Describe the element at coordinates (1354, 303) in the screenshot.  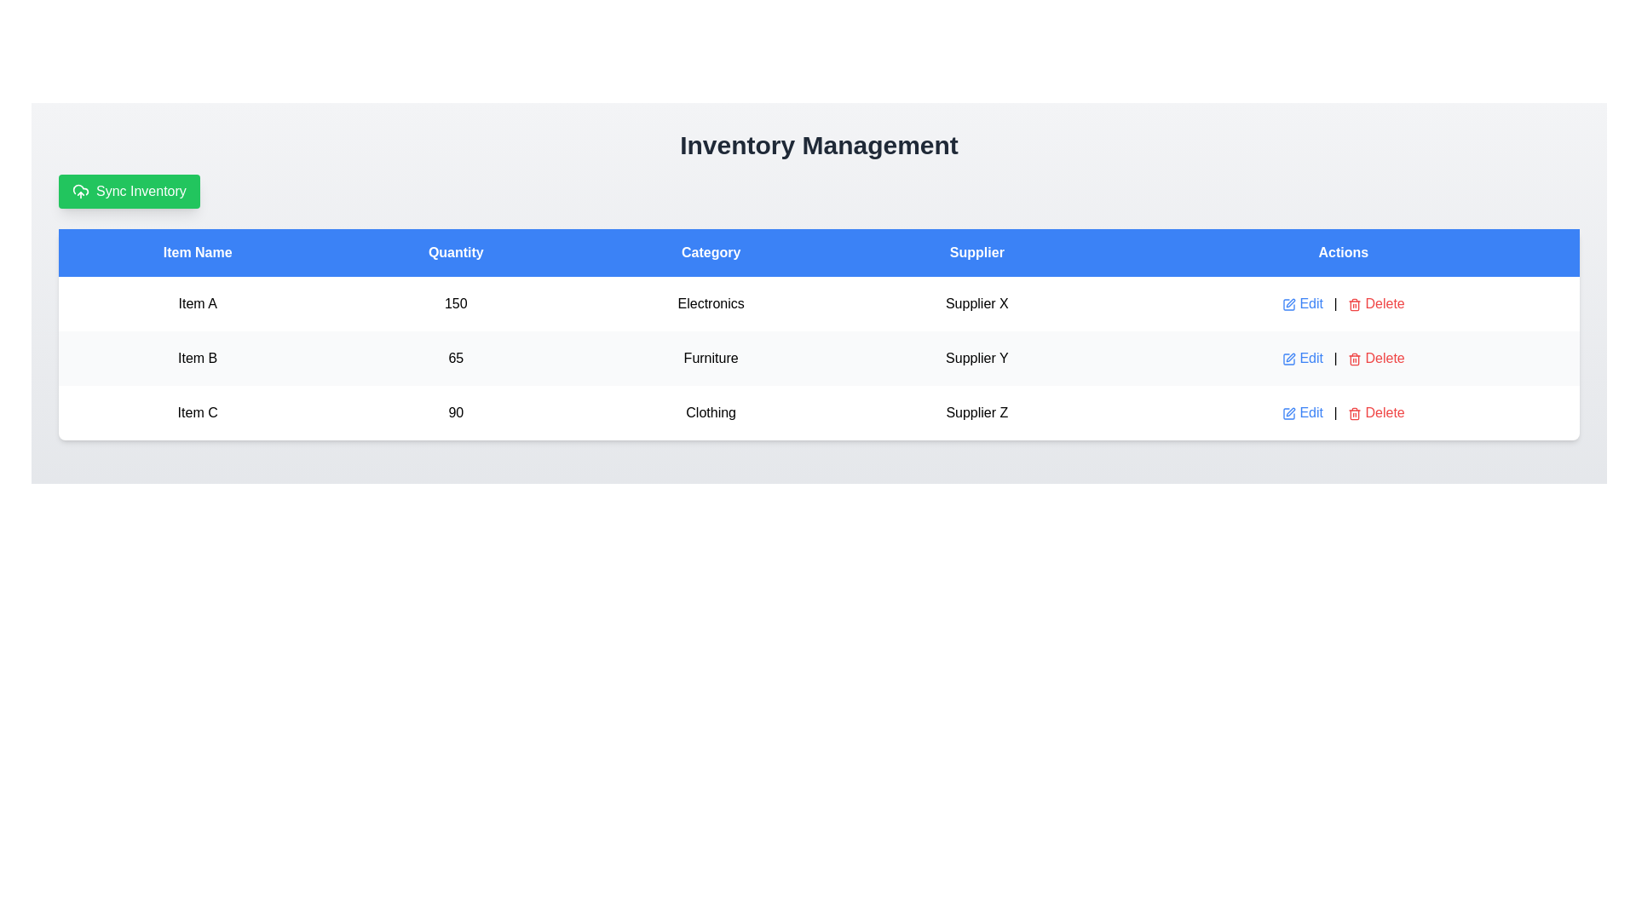
I see `the deletion icon located under the 'Actions' column next to the 'Delete' text for an item` at that location.